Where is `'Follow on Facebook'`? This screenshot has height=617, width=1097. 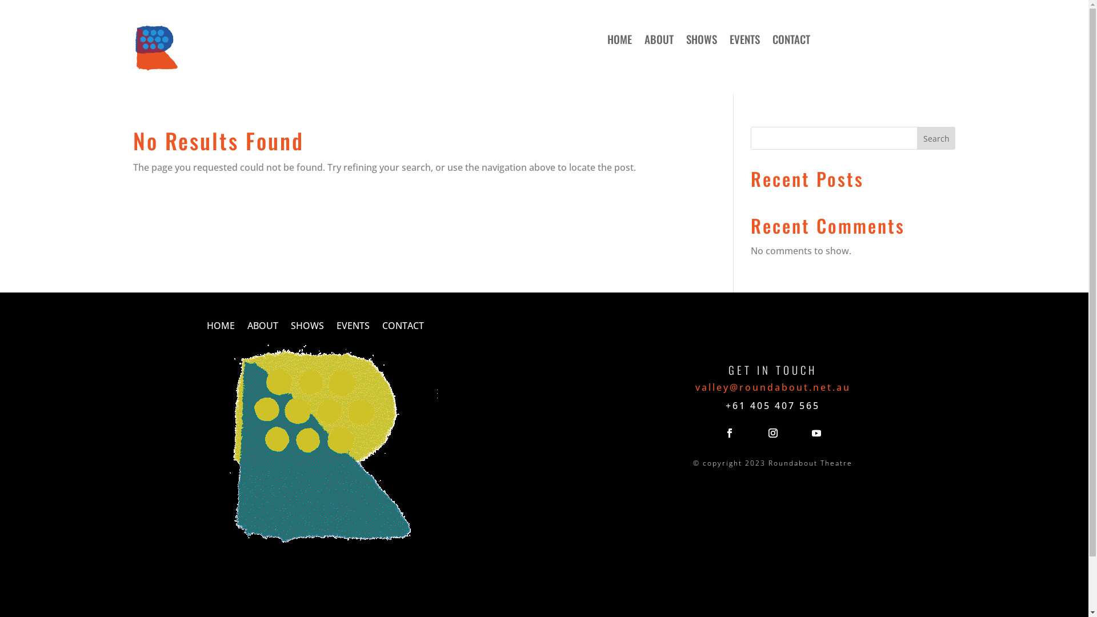 'Follow on Facebook' is located at coordinates (728, 433).